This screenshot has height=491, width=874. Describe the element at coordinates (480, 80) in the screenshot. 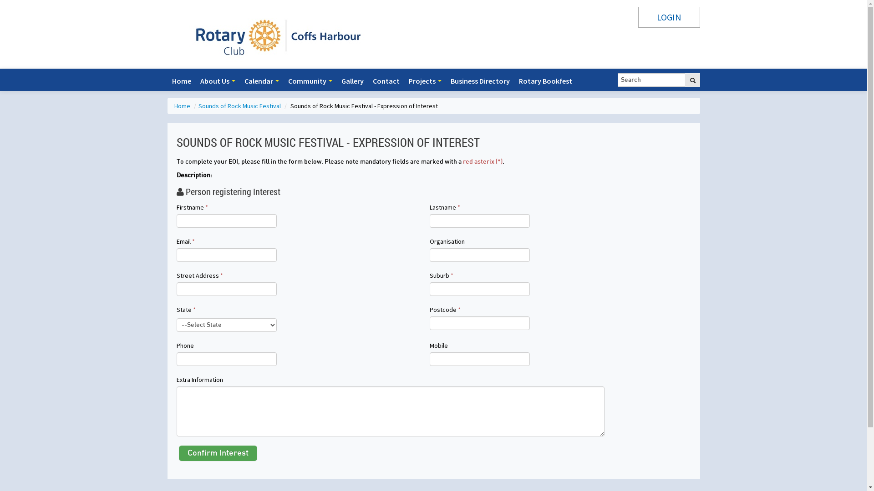

I see `'Business Directory'` at that location.